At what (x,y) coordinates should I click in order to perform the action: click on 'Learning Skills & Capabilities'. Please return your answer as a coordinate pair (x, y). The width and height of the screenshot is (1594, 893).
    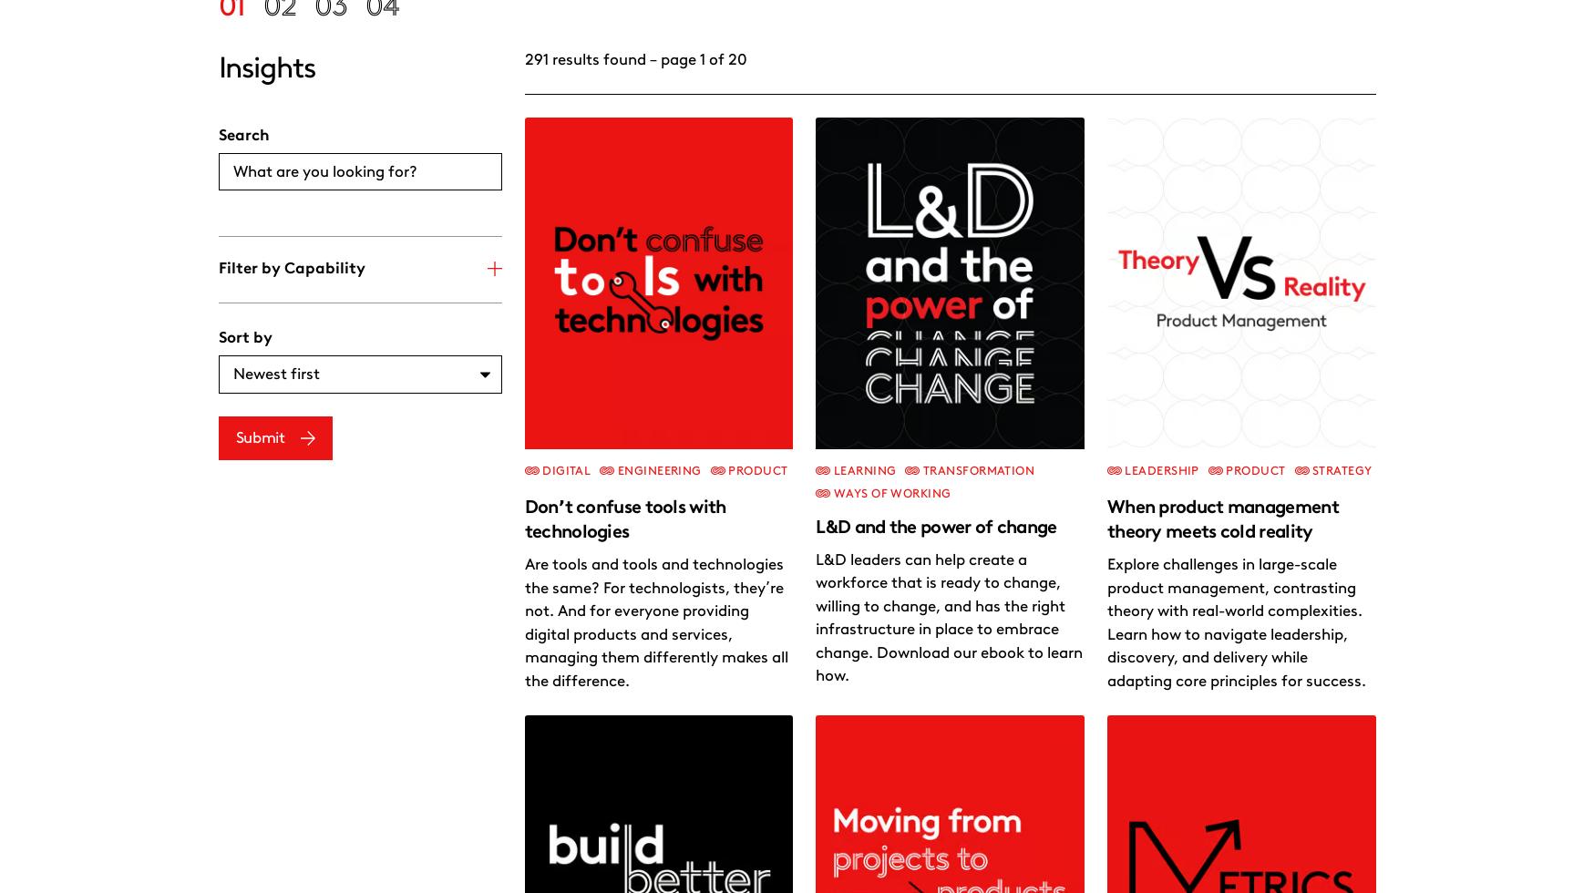
    Looking at the image, I should click on (1109, 831).